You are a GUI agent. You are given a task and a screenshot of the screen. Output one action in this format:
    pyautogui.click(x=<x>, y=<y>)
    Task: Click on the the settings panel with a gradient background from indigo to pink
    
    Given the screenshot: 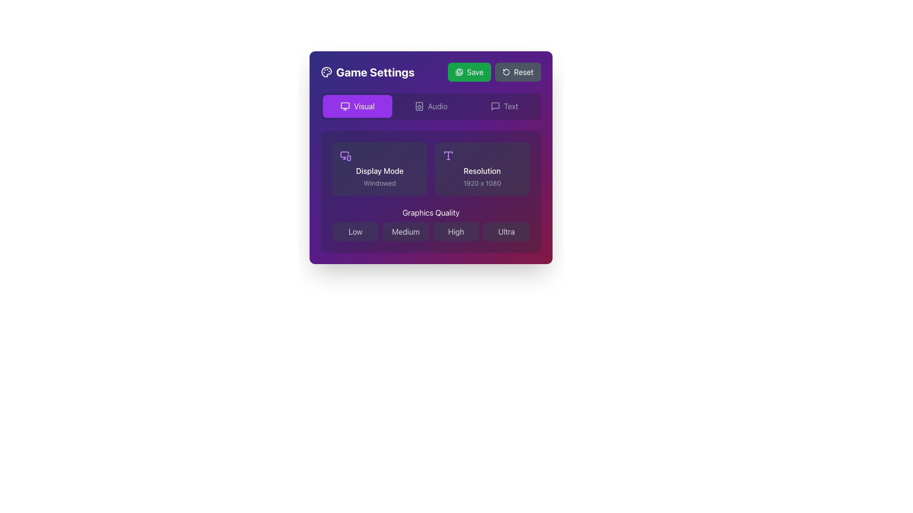 What is the action you would take?
    pyautogui.click(x=430, y=157)
    